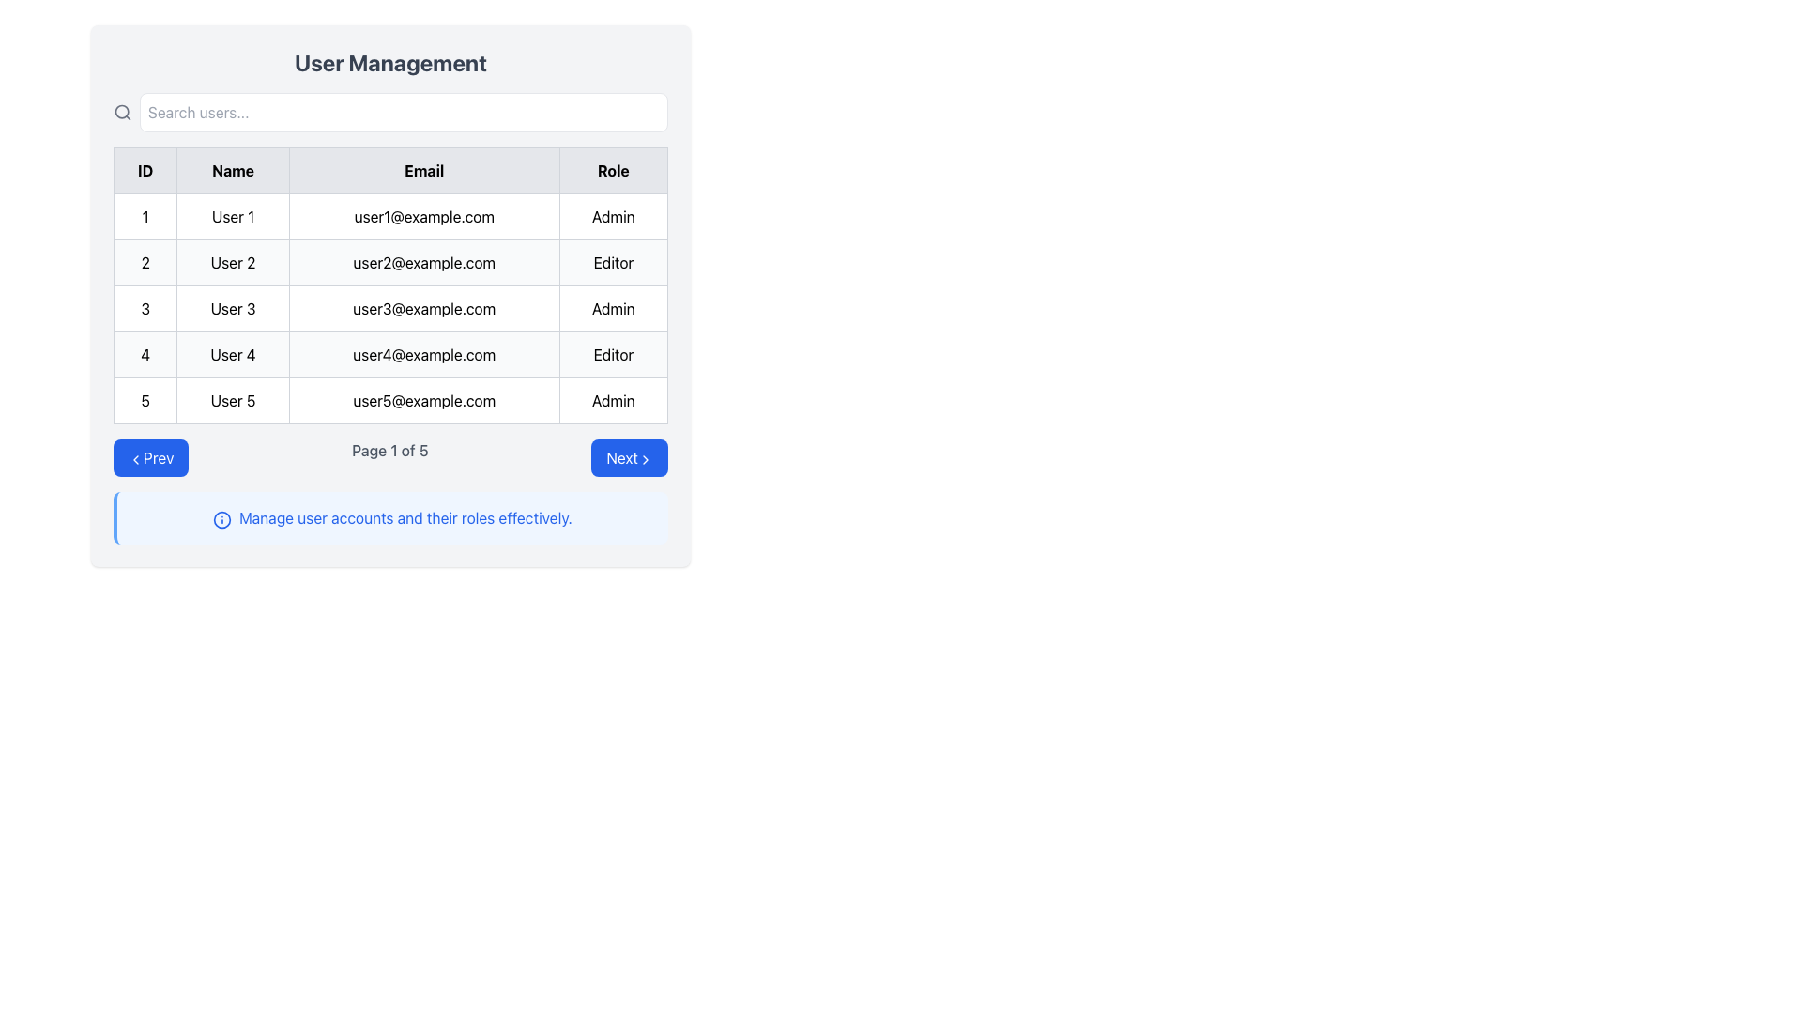 The width and height of the screenshot is (1802, 1014). I want to click on the Table Cell displaying the user's name, which is the second cell in the fifth row of the table, located in the 'Name' column, so click(232, 400).